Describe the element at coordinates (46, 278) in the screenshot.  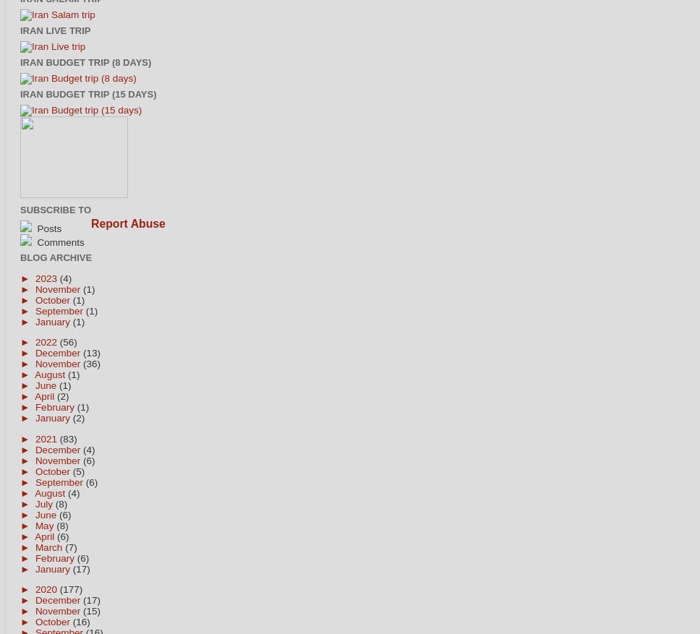
I see `'2023'` at that location.